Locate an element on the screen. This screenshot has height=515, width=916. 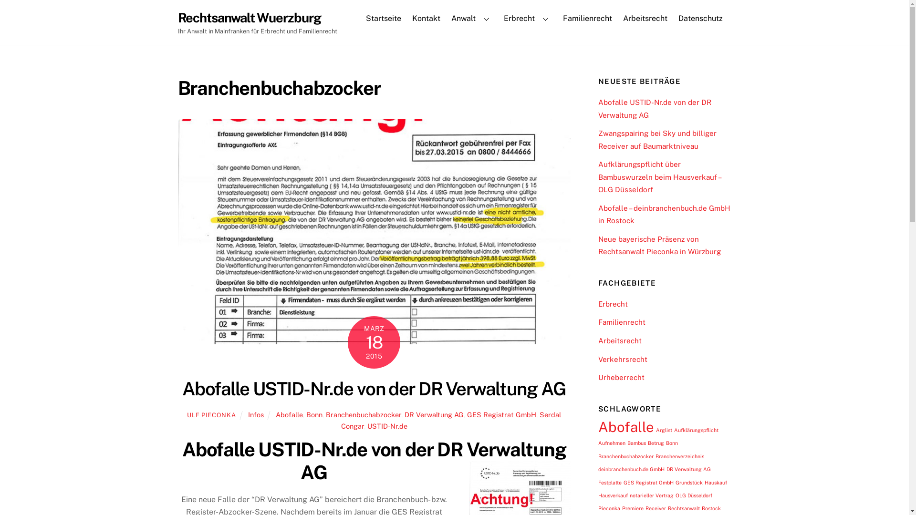
'Aufnehmen' is located at coordinates (612, 443).